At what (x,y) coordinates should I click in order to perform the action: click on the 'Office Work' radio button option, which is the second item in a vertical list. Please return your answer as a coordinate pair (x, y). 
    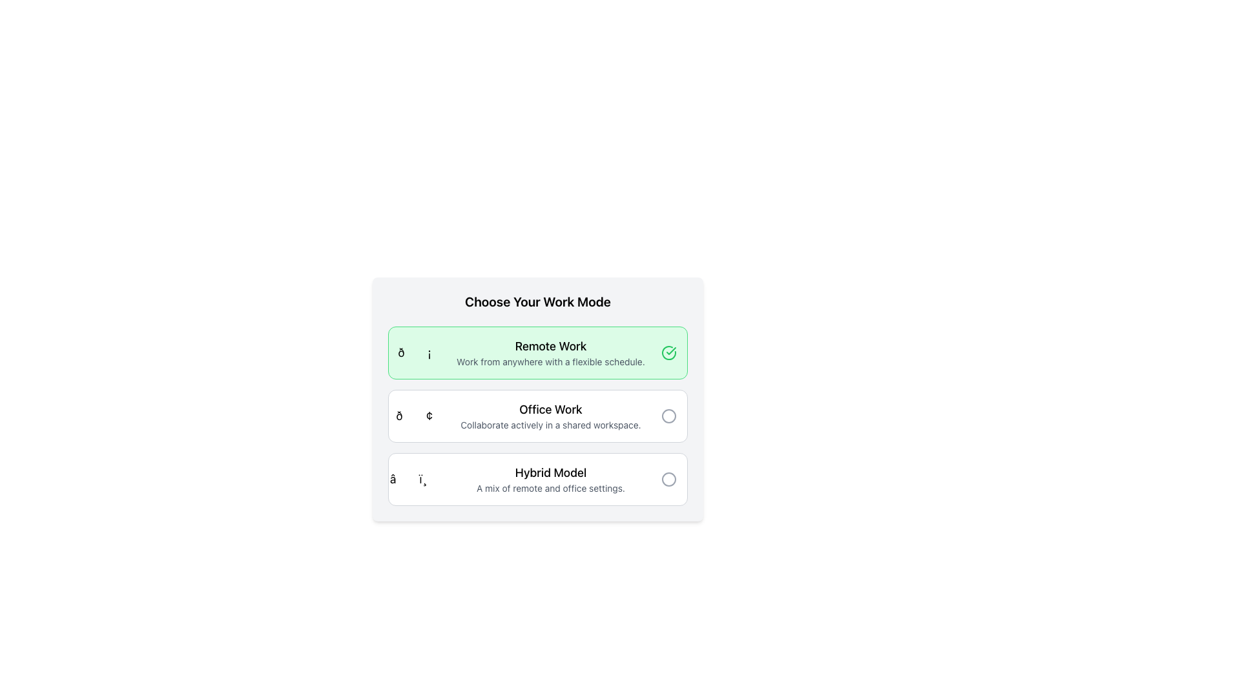
    Looking at the image, I should click on (538, 416).